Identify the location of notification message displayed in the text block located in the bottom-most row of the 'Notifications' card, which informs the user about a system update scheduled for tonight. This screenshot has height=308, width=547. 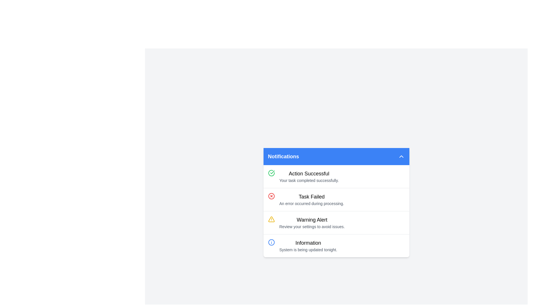
(308, 245).